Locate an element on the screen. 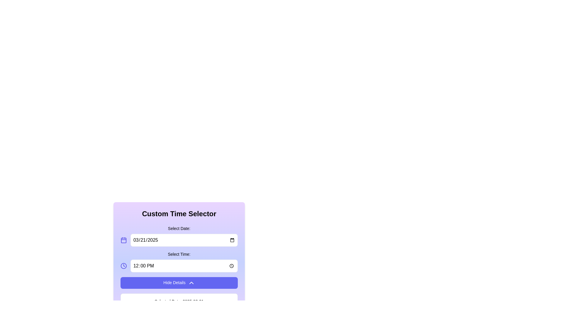  the 'Hide Details' button with a vivid indigo background and white text is located at coordinates (179, 283).